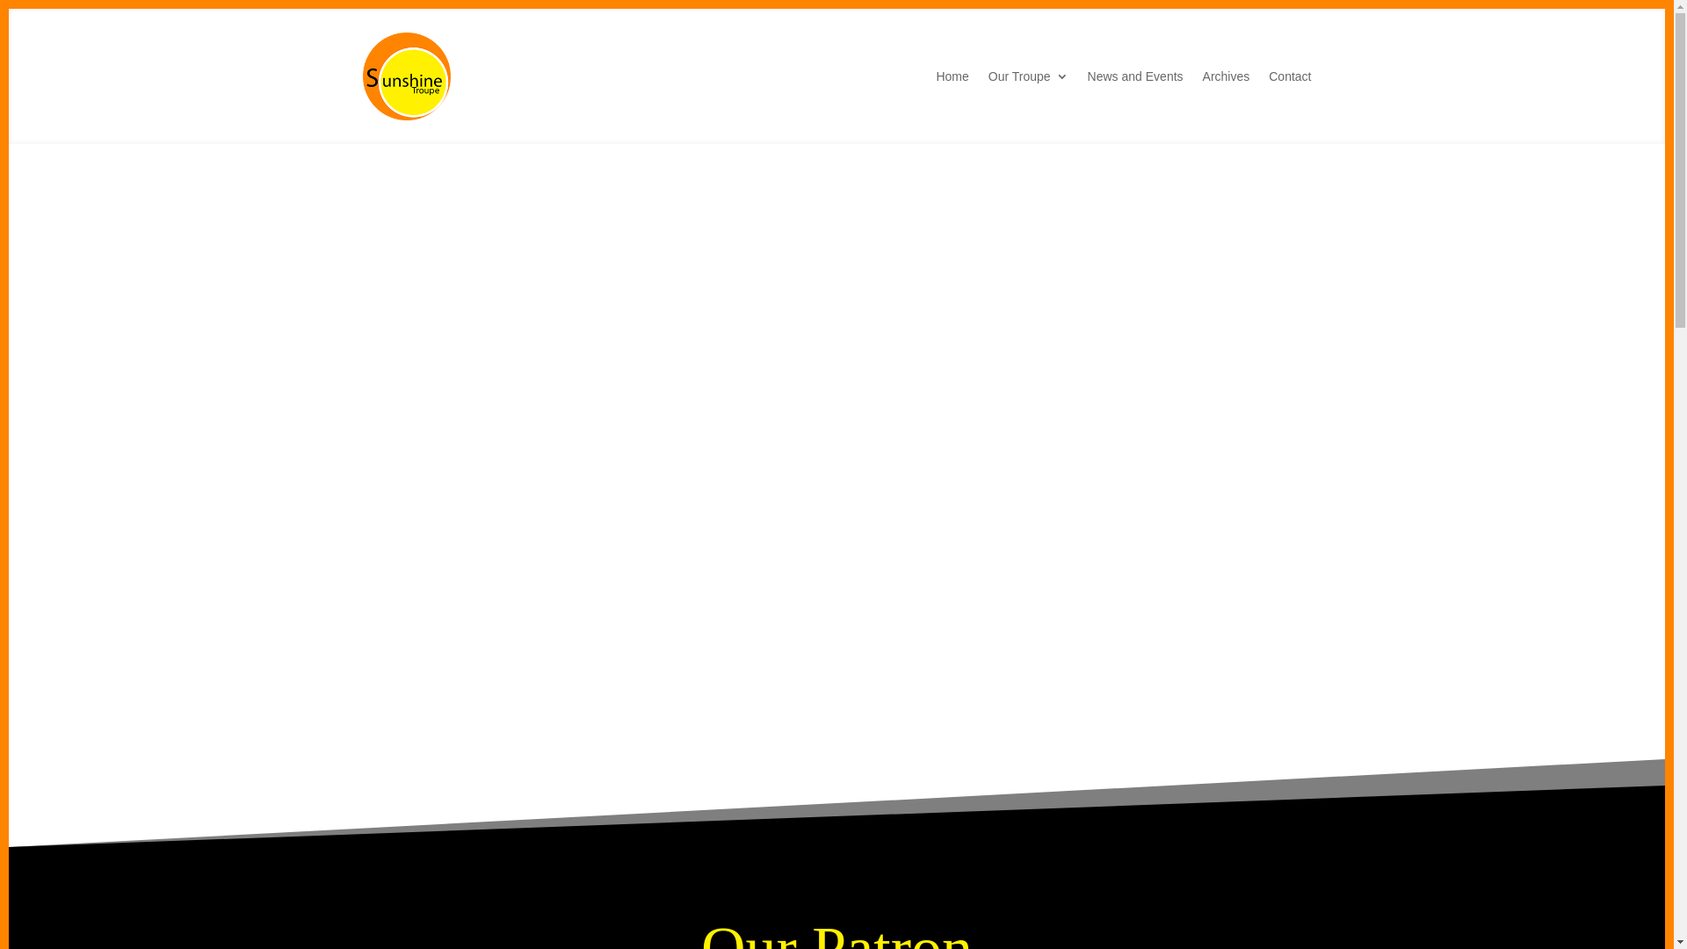  Describe the element at coordinates (1087, 76) in the screenshot. I see `'News and Events'` at that location.